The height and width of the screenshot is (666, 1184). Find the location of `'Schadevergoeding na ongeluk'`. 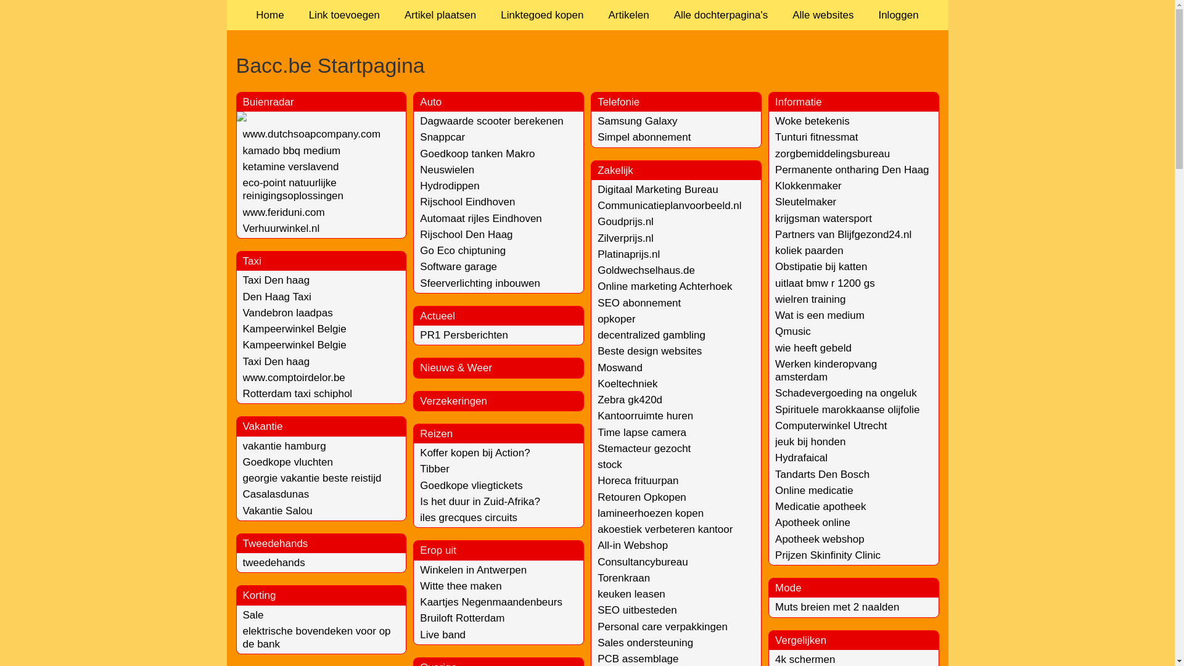

'Schadevergoeding na ongeluk' is located at coordinates (845, 393).